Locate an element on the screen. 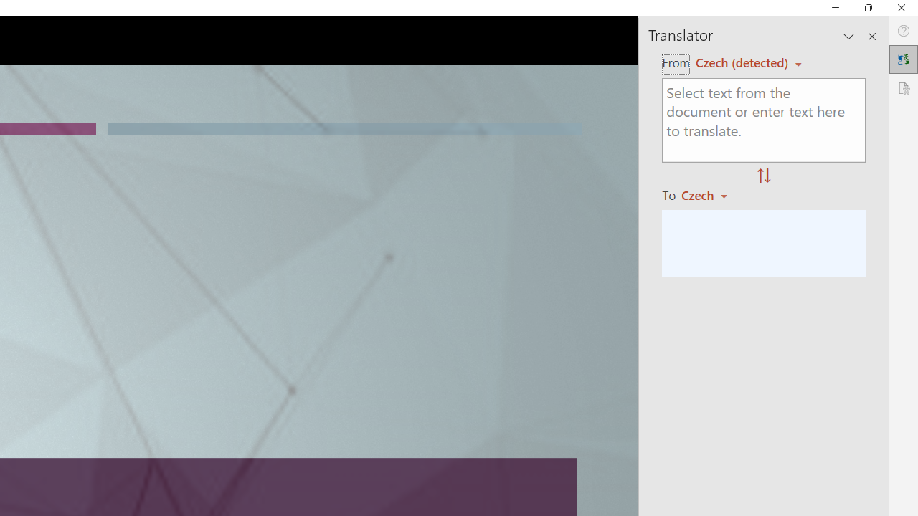 This screenshot has height=516, width=918. 'Czech (detected)' is located at coordinates (744, 62).